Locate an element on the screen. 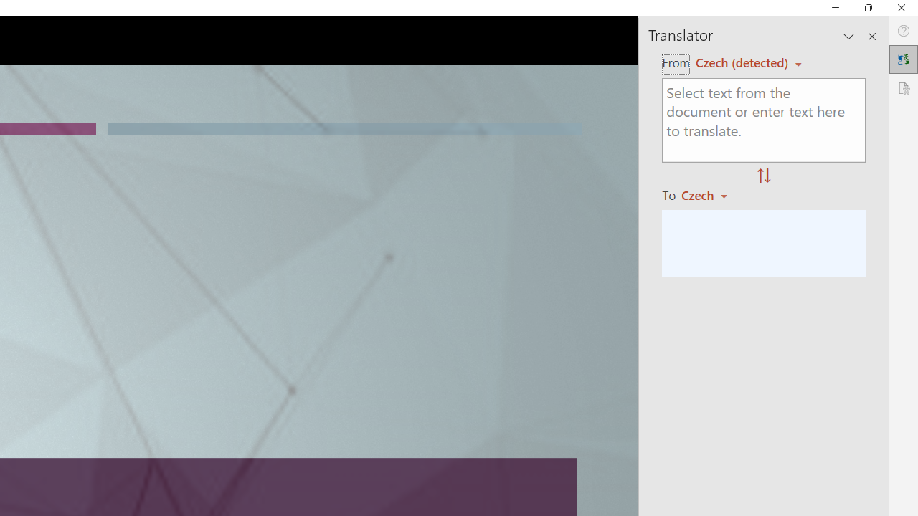 This screenshot has height=516, width=918. 'Czech (detected)' is located at coordinates (744, 62).